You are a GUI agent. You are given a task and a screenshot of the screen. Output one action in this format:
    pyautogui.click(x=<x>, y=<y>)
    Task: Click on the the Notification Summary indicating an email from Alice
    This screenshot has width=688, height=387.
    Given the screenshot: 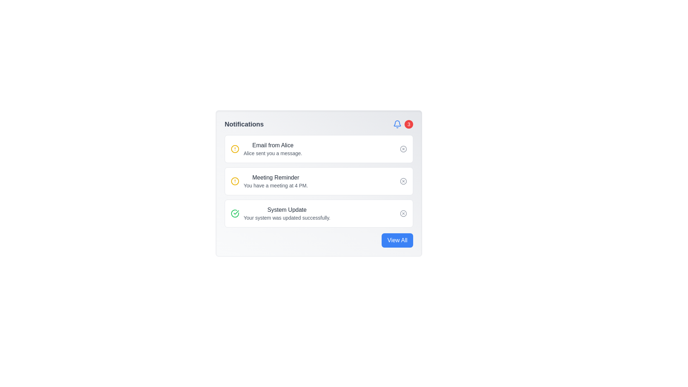 What is the action you would take?
    pyautogui.click(x=272, y=149)
    